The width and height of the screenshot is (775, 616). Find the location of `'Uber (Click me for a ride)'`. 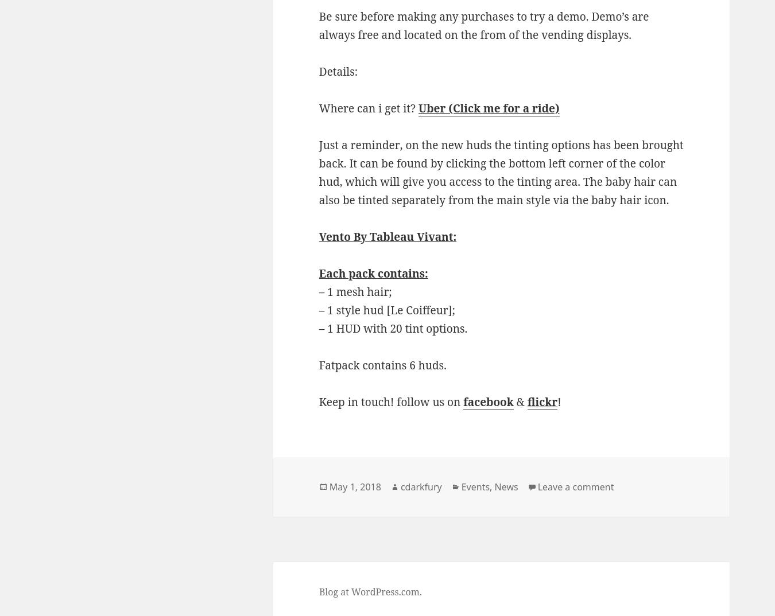

'Uber (Click me for a ride)' is located at coordinates (418, 108).